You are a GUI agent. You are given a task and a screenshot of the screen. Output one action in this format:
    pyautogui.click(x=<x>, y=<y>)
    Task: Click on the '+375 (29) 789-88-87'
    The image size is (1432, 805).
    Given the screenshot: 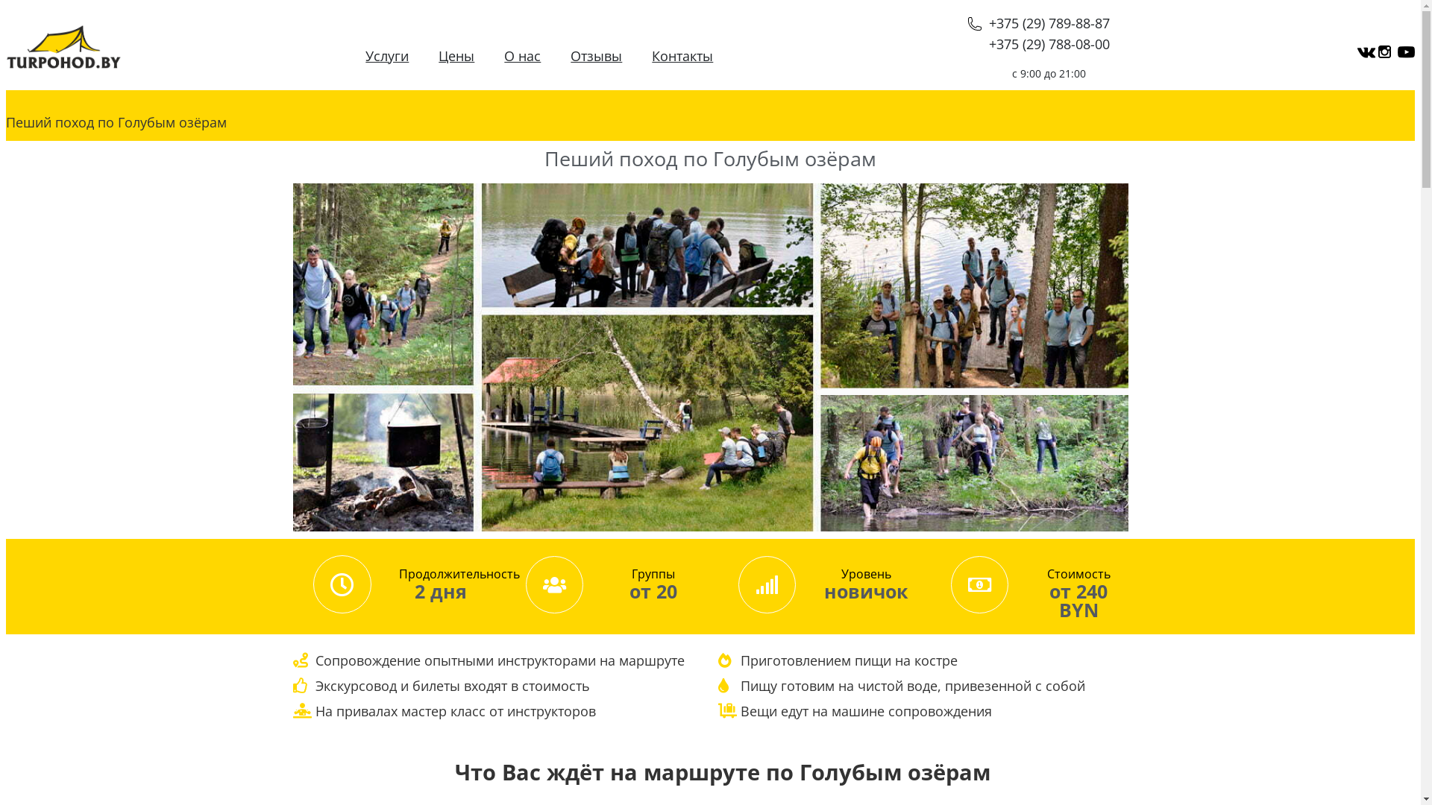 What is the action you would take?
    pyautogui.click(x=1037, y=23)
    